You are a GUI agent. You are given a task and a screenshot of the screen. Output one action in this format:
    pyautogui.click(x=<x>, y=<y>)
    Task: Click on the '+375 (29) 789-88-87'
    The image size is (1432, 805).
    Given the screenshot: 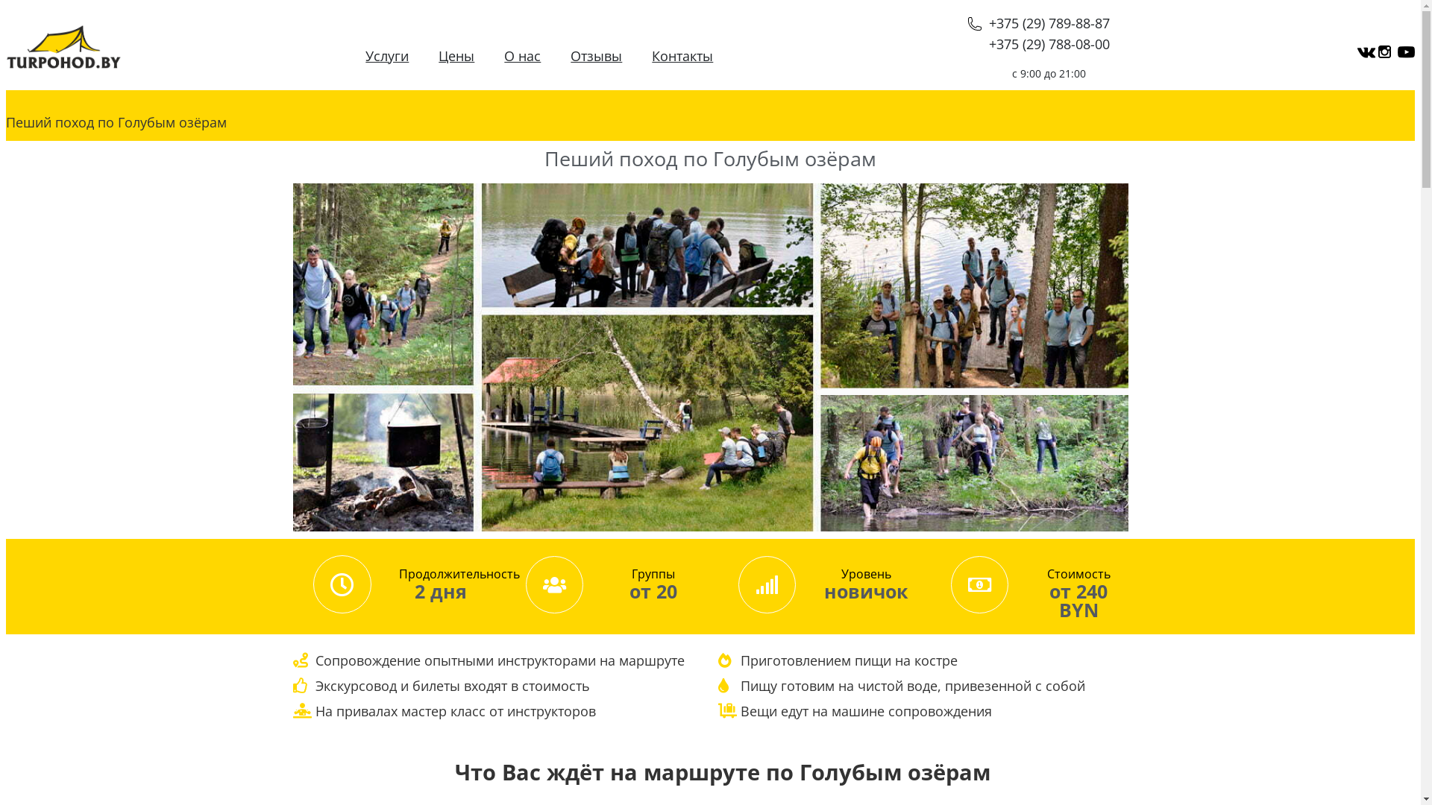 What is the action you would take?
    pyautogui.click(x=1037, y=23)
    